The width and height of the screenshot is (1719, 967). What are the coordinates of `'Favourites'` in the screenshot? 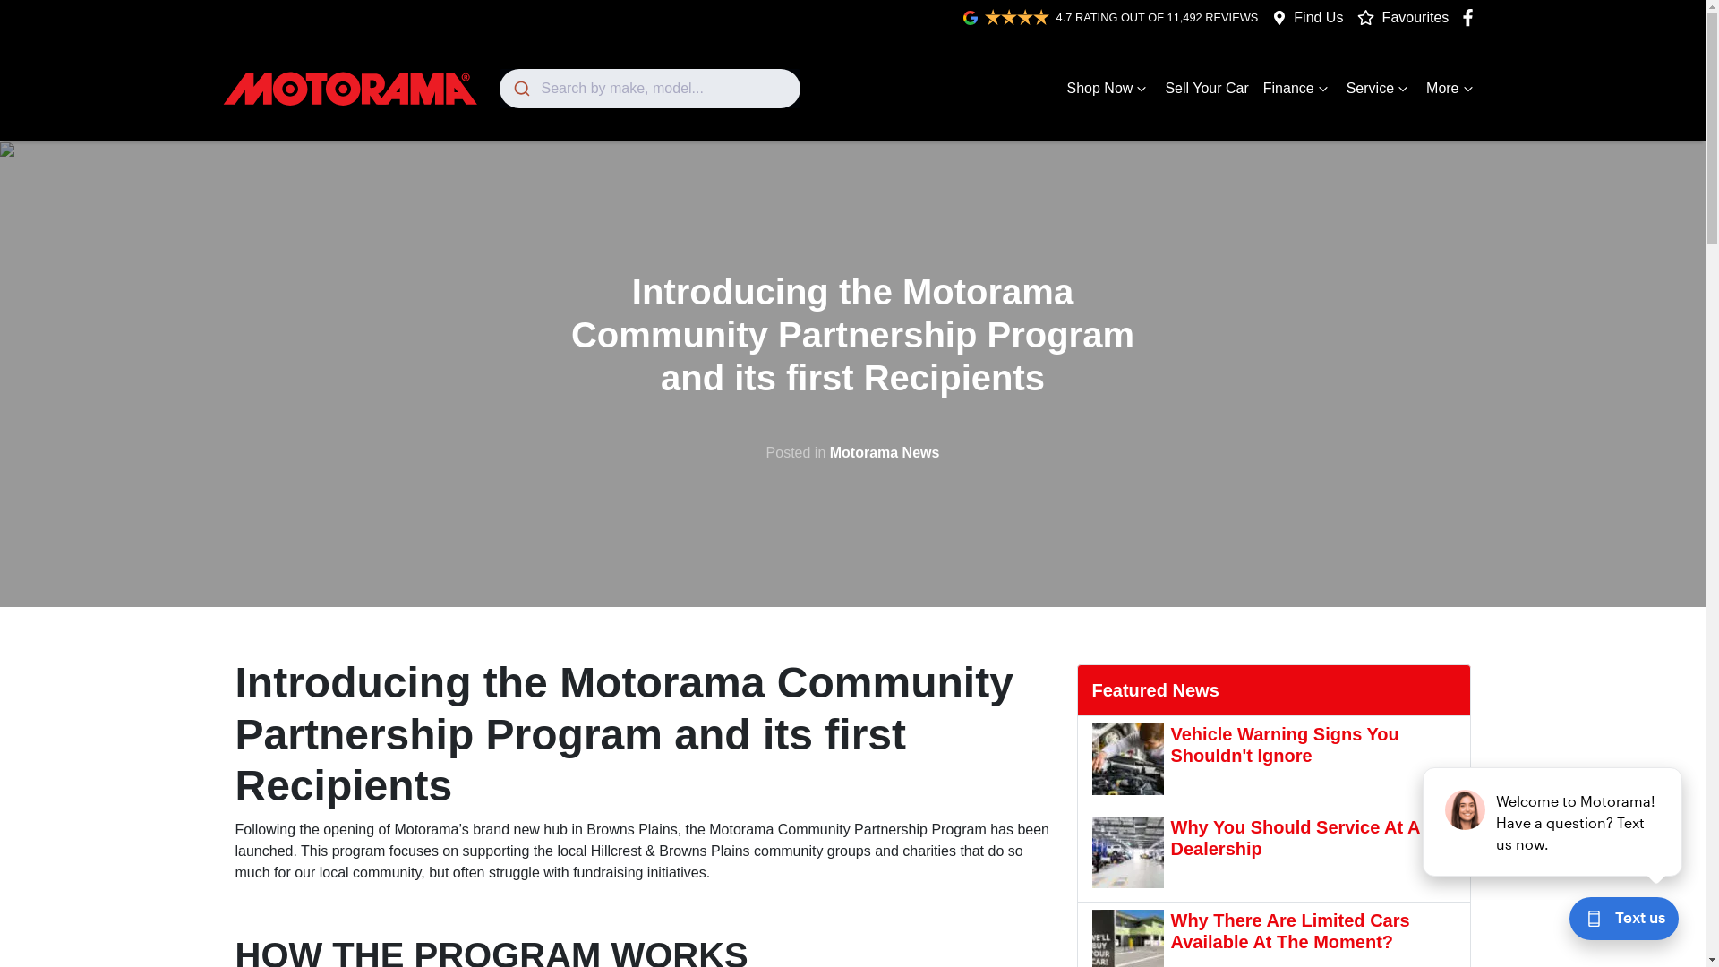 It's located at (1357, 17).